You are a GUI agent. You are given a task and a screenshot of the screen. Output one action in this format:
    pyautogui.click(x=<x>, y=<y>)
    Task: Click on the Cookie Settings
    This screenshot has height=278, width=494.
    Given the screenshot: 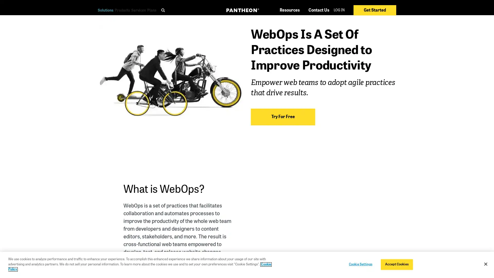 What is the action you would take?
    pyautogui.click(x=360, y=264)
    